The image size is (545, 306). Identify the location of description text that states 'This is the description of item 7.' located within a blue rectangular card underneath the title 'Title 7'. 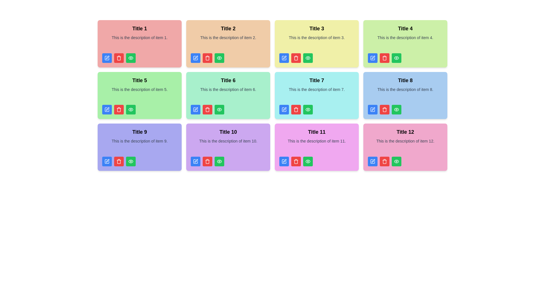
(316, 93).